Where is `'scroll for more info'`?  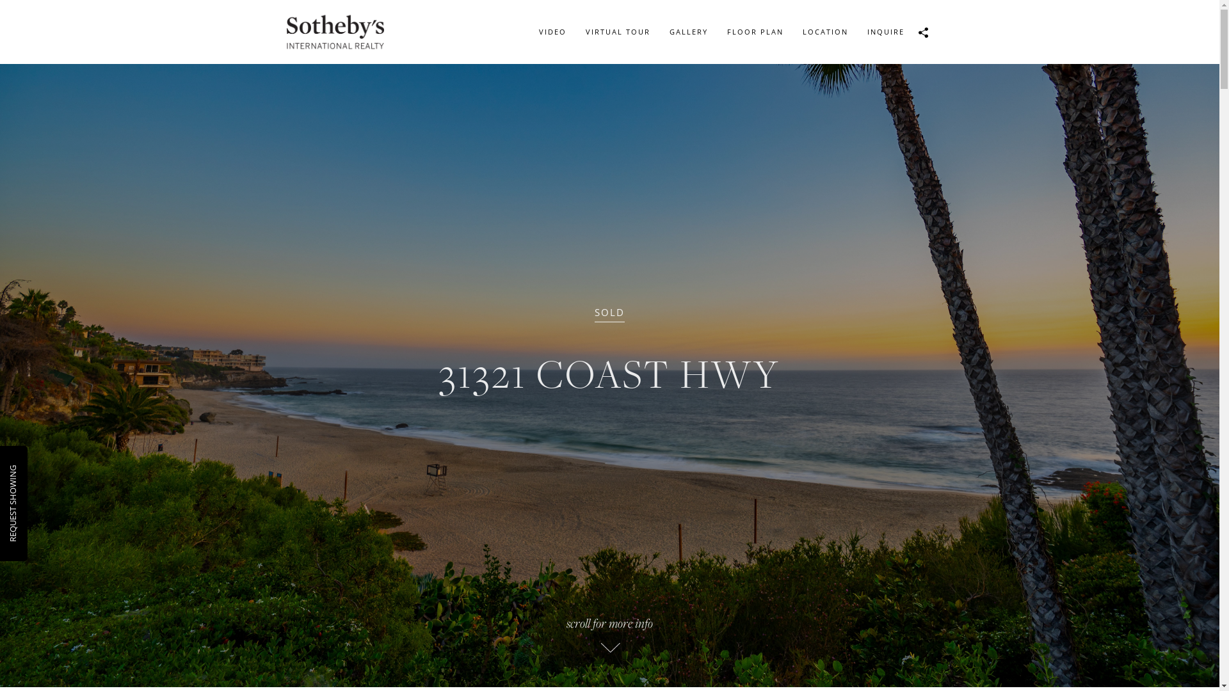
'scroll for more info' is located at coordinates (398, 639).